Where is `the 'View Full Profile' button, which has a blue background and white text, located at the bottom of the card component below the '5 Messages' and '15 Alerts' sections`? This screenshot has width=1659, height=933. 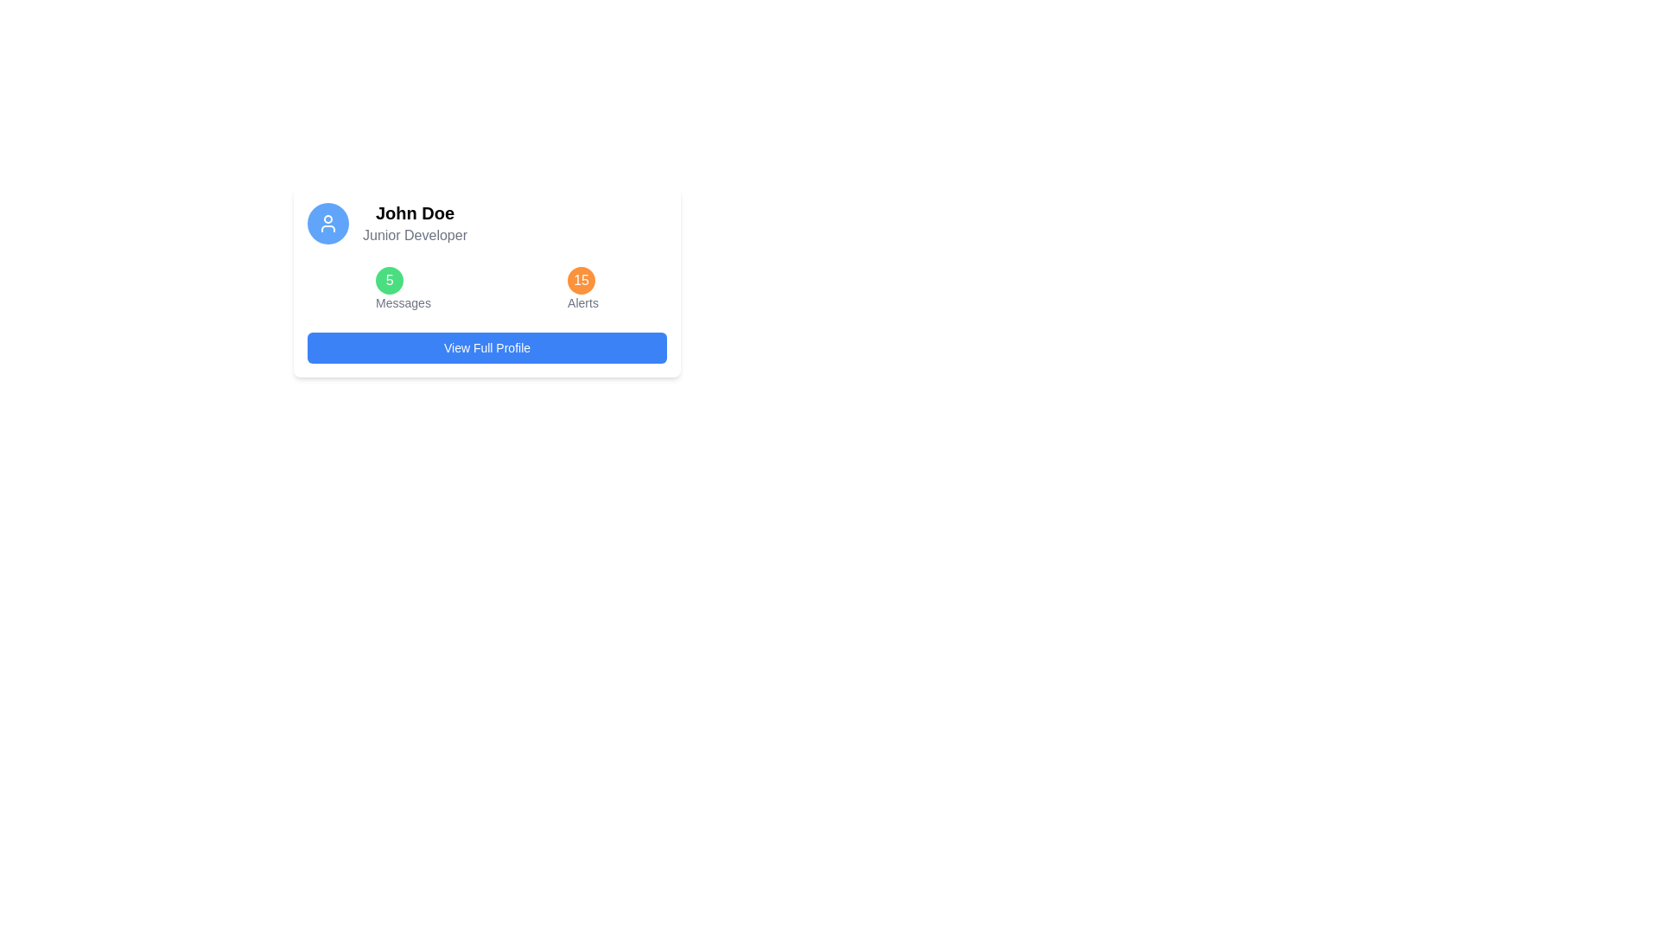 the 'View Full Profile' button, which has a blue background and white text, located at the bottom of the card component below the '5 Messages' and '15 Alerts' sections is located at coordinates (486, 347).